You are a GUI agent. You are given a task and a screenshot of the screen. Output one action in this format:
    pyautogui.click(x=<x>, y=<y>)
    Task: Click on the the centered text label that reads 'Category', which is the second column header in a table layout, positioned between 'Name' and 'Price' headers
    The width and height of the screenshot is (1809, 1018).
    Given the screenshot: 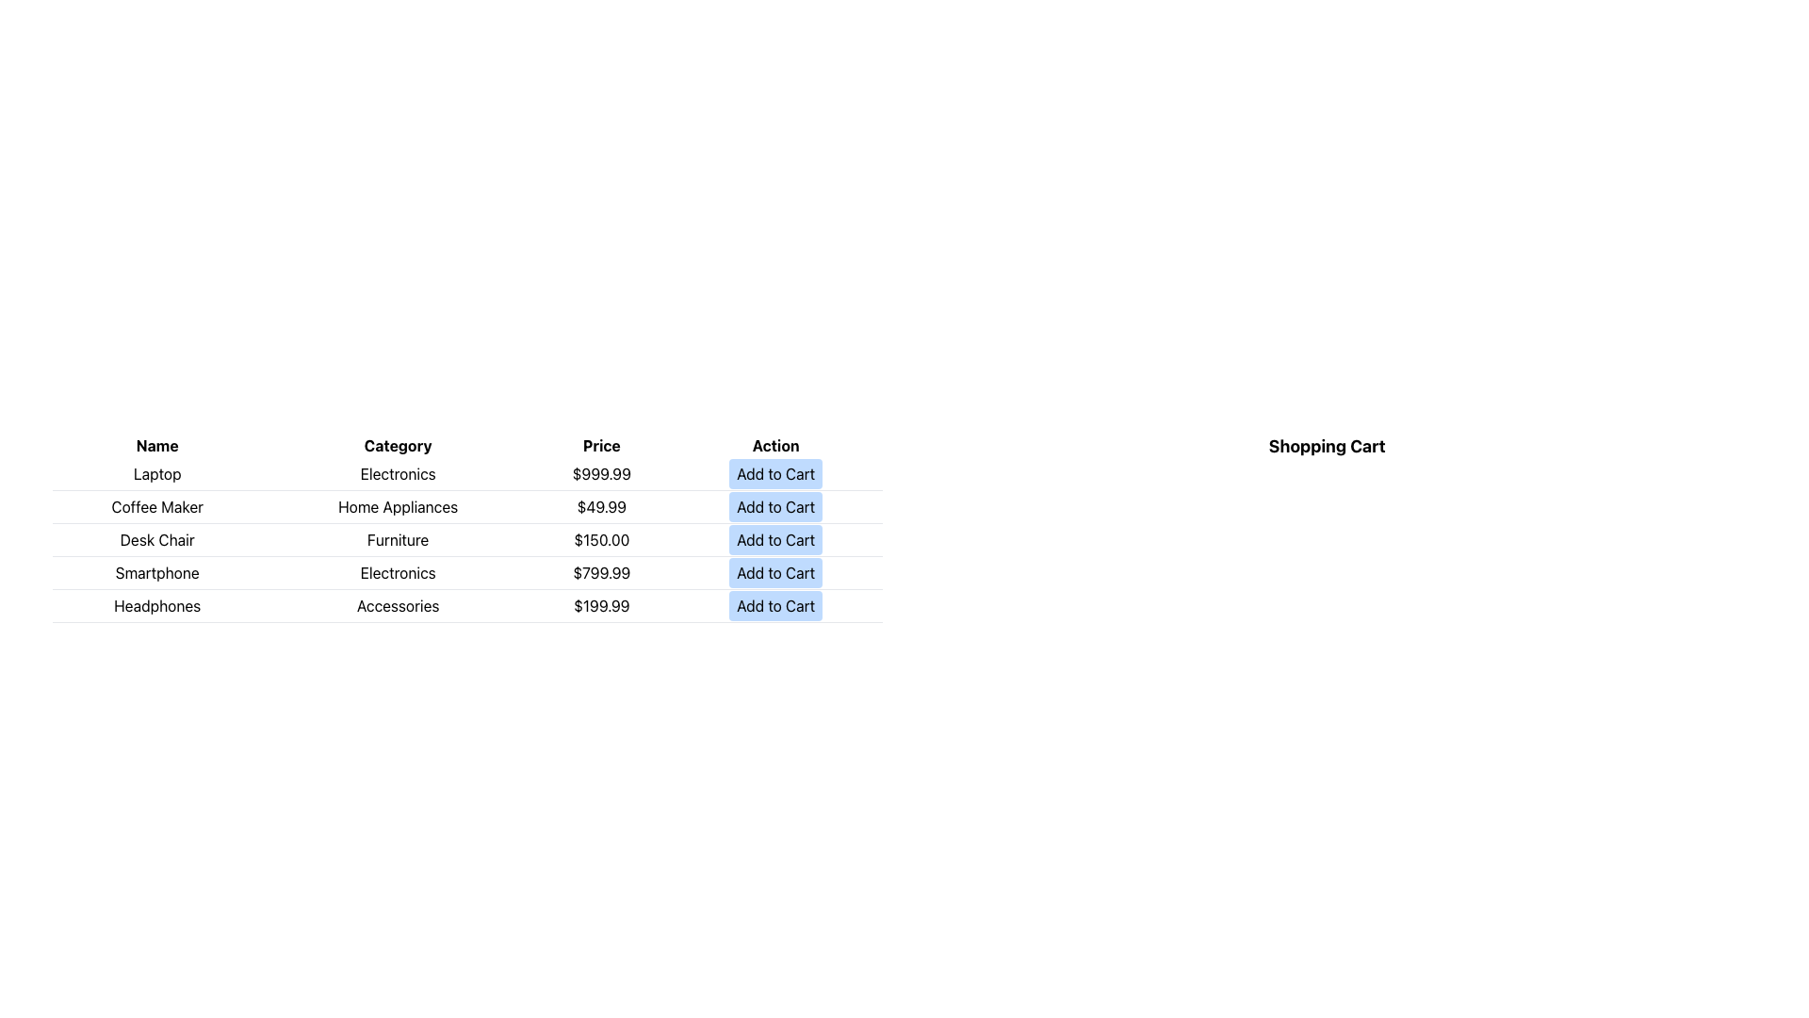 What is the action you would take?
    pyautogui.click(x=397, y=446)
    